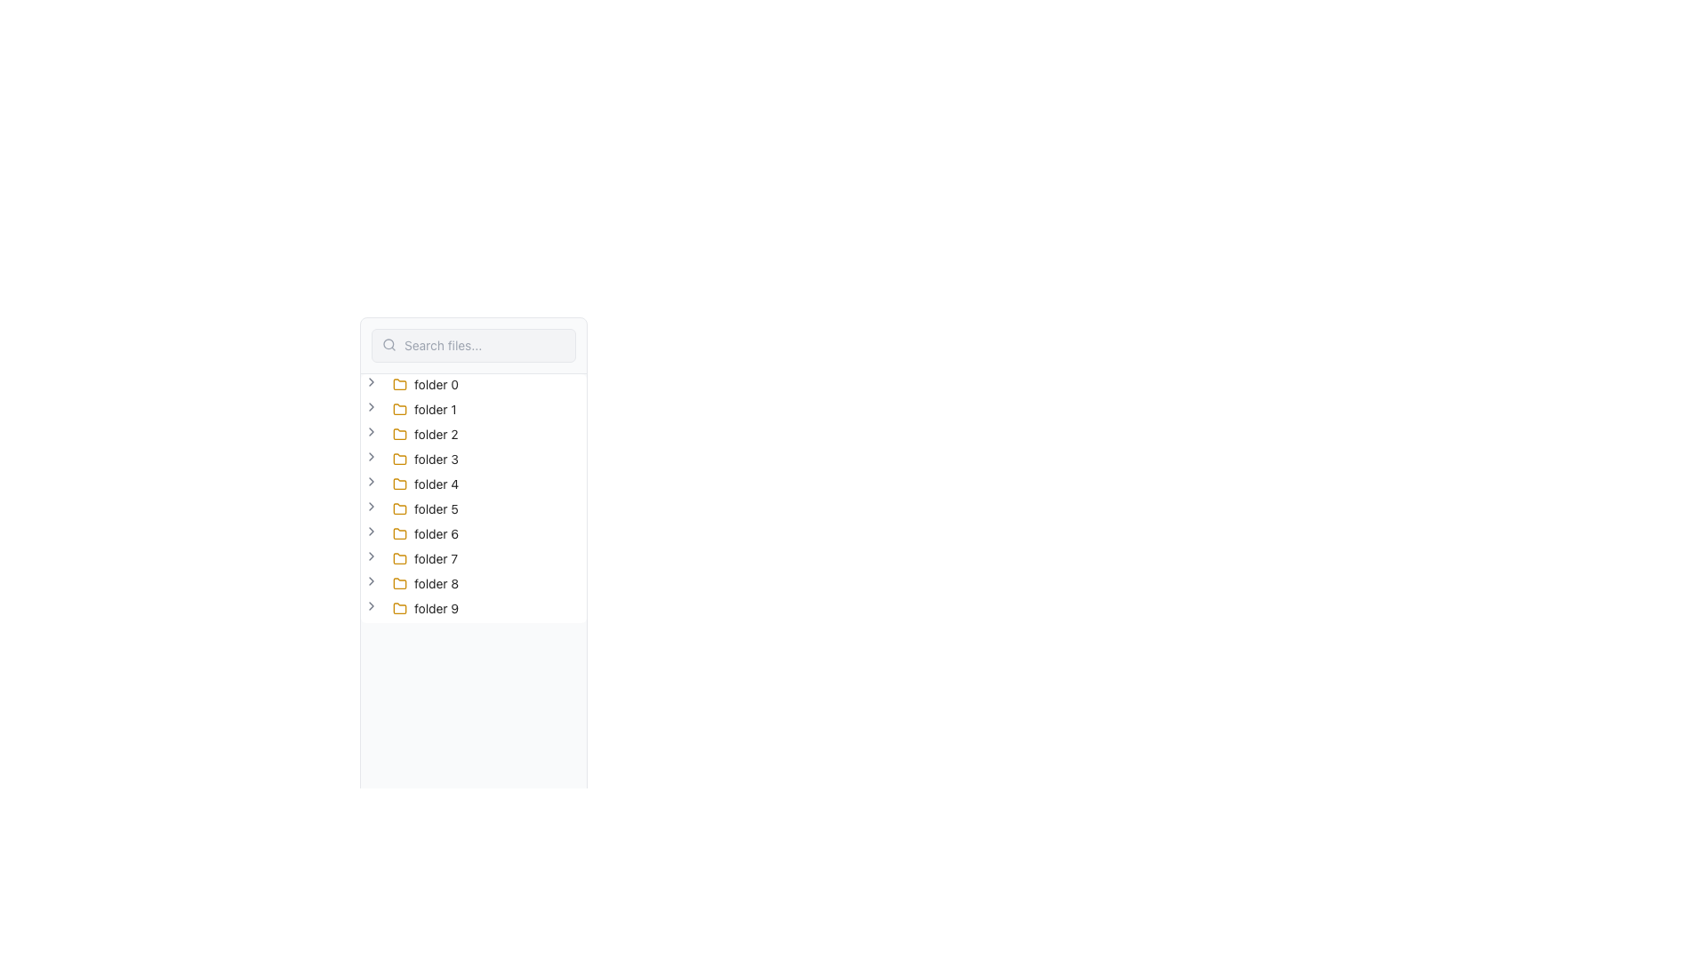 Image resolution: width=1707 pixels, height=960 pixels. What do you see at coordinates (399, 533) in the screenshot?
I see `the Folder icon, which is a yellow rectangular icon with a rounded top right corner, located beside the label 'folder 6' in the list` at bounding box center [399, 533].